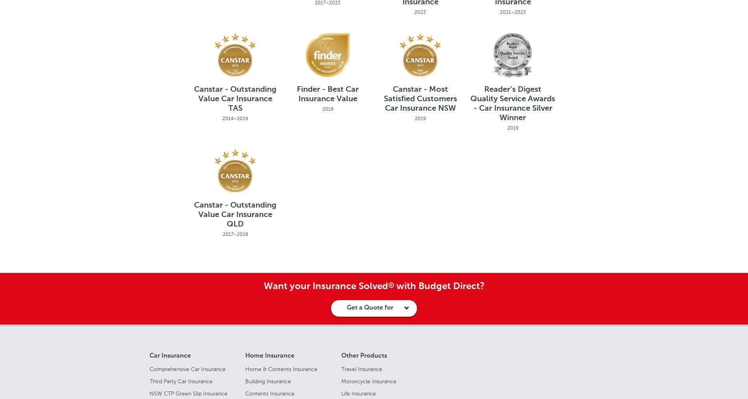 This screenshot has width=748, height=399. What do you see at coordinates (180, 381) in the screenshot?
I see `'Third Party Car Insurance'` at bounding box center [180, 381].